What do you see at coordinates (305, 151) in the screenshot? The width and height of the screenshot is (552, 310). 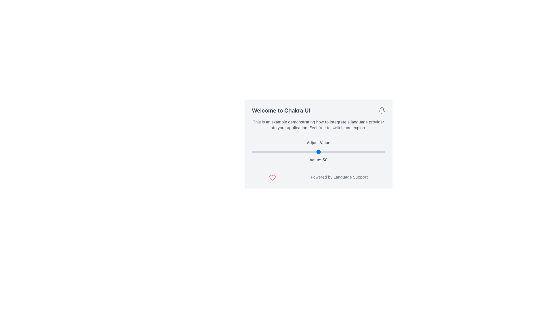 I see `the adjustment slider` at bounding box center [305, 151].